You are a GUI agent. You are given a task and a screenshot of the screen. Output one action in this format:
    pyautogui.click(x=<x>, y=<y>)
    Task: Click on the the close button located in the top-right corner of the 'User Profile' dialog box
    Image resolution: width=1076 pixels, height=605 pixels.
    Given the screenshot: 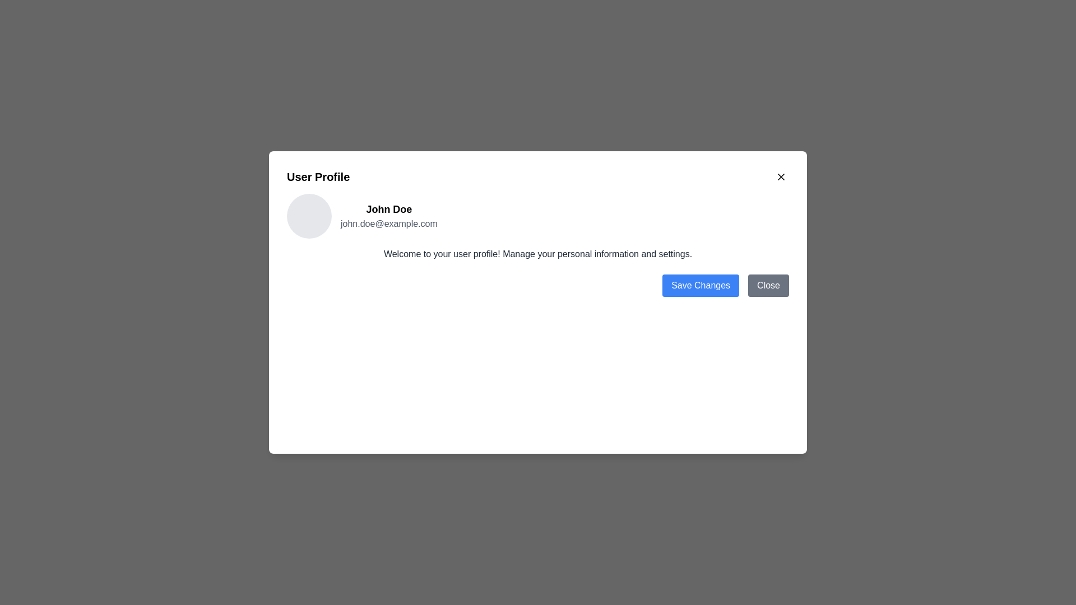 What is the action you would take?
    pyautogui.click(x=780, y=176)
    